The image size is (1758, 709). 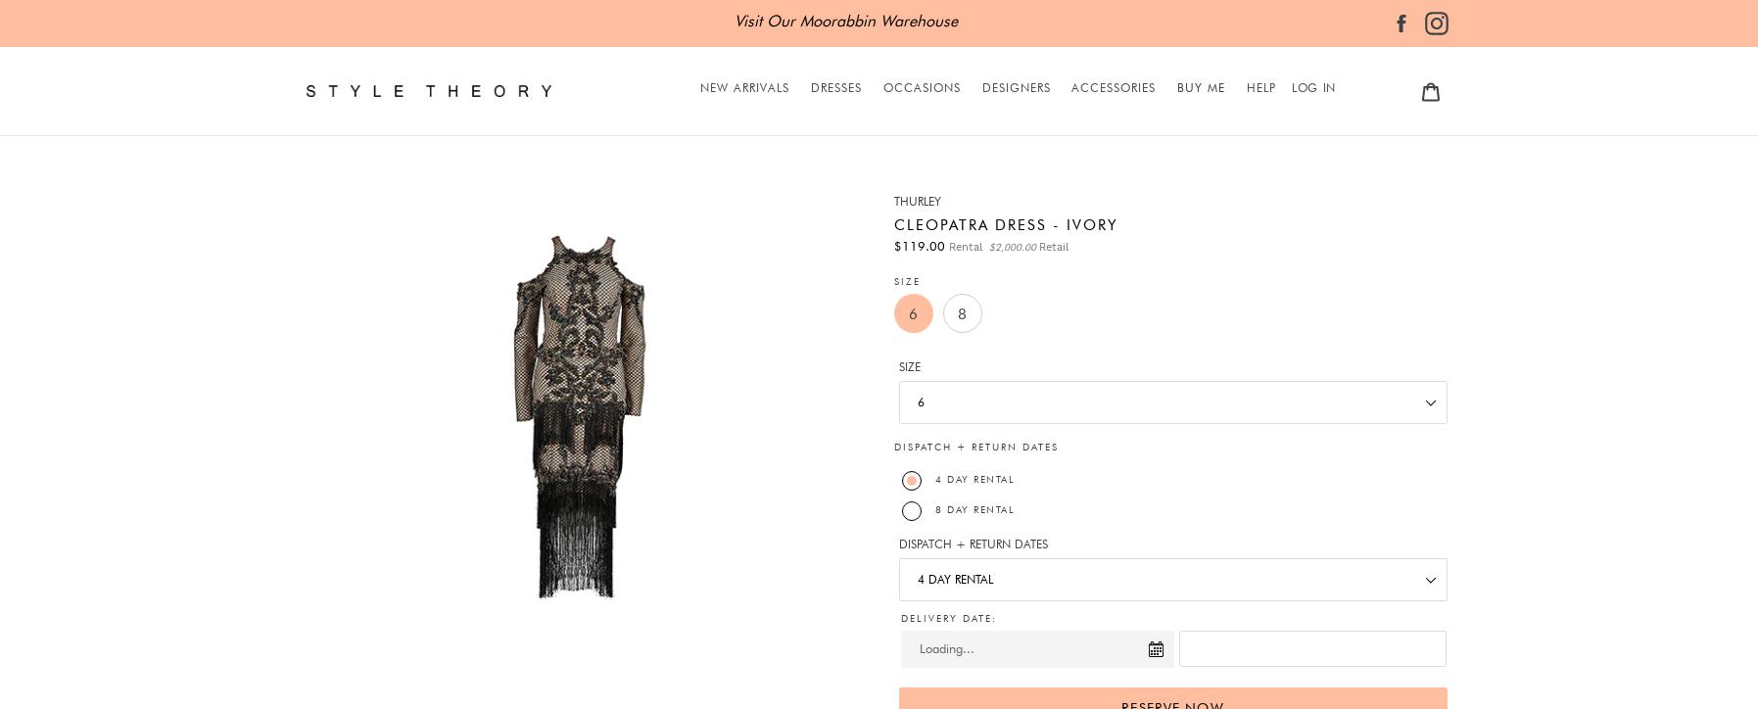 I want to click on 'Pregnancy Friendly', so click(x=881, y=376).